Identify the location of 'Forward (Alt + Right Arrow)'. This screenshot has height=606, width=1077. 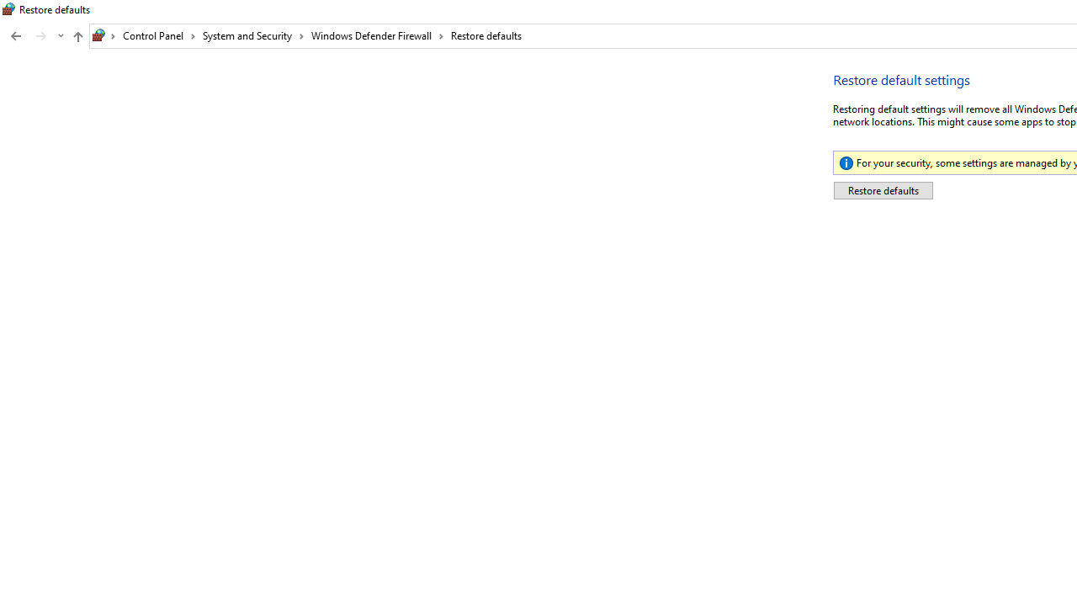
(41, 36).